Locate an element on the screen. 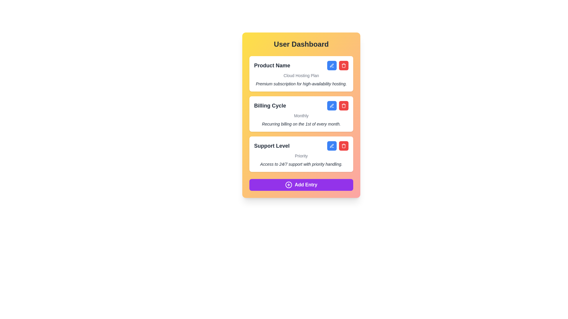  the blue square icon button styled as a pen and line located in the 'Billing Cycle' section of the User Dashboard to initiate editing is located at coordinates (332, 105).